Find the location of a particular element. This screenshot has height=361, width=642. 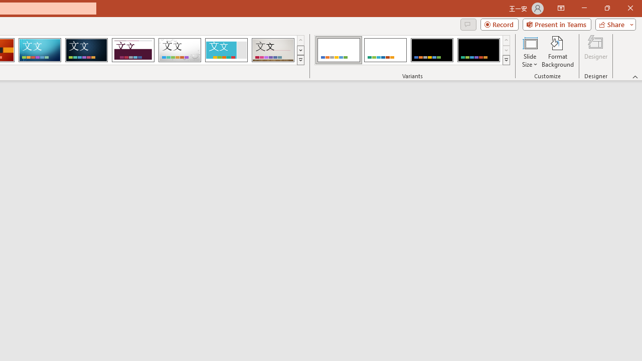

'Droplet Loading Preview...' is located at coordinates (180, 50).